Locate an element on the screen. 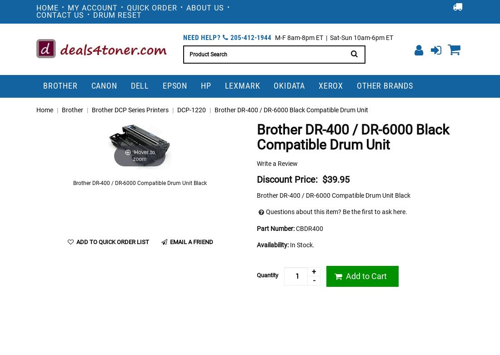 The image size is (500, 355). 'Add to Cart' is located at coordinates (365, 275).